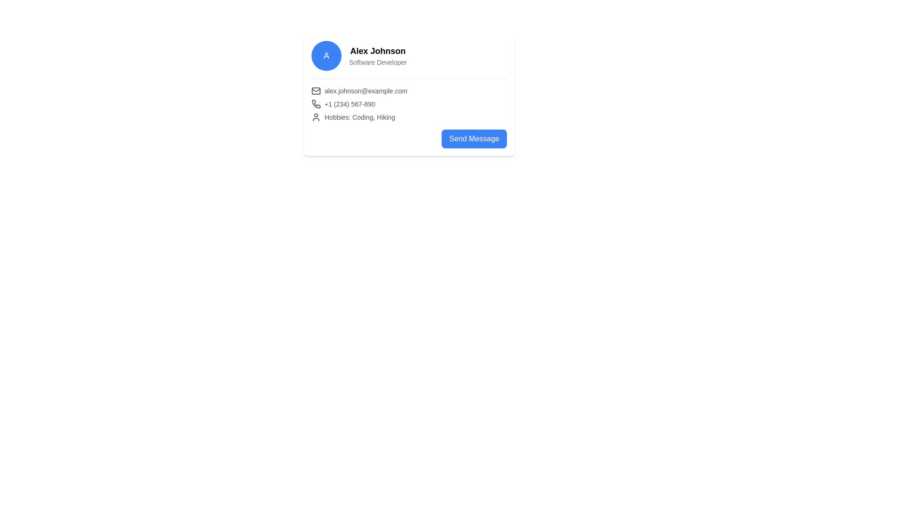  What do you see at coordinates (365, 91) in the screenshot?
I see `the static text element containing an email address, which is styled in gray and located beside an envelope icon, within the contact profile card` at bounding box center [365, 91].